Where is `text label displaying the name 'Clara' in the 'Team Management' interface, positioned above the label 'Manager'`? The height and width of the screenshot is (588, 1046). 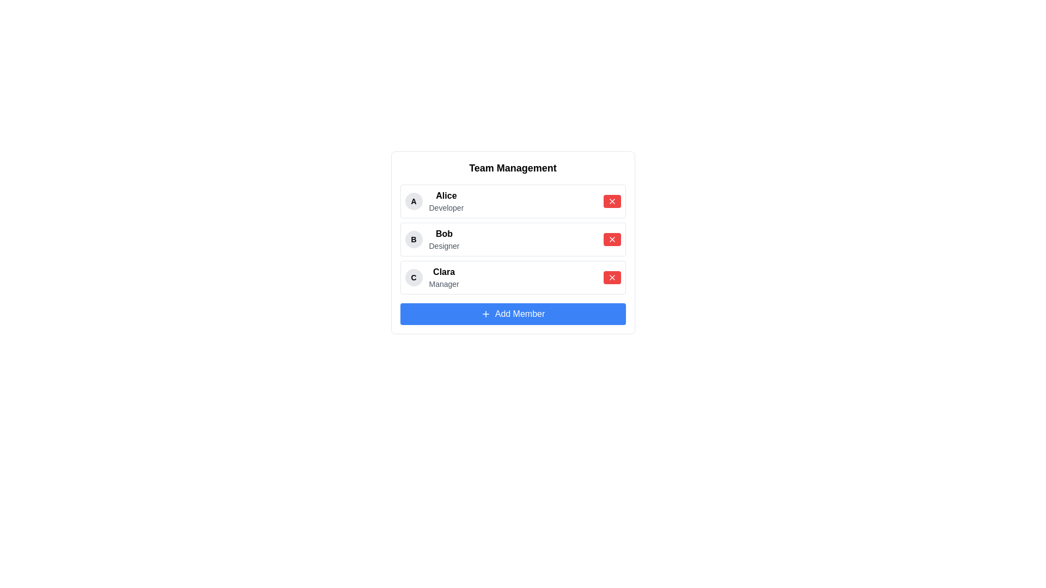 text label displaying the name 'Clara' in the 'Team Management' interface, positioned above the label 'Manager' is located at coordinates (444, 272).